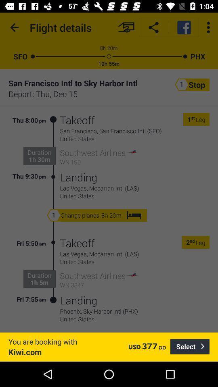 The height and width of the screenshot is (387, 218). I want to click on checkout, so click(126, 27).